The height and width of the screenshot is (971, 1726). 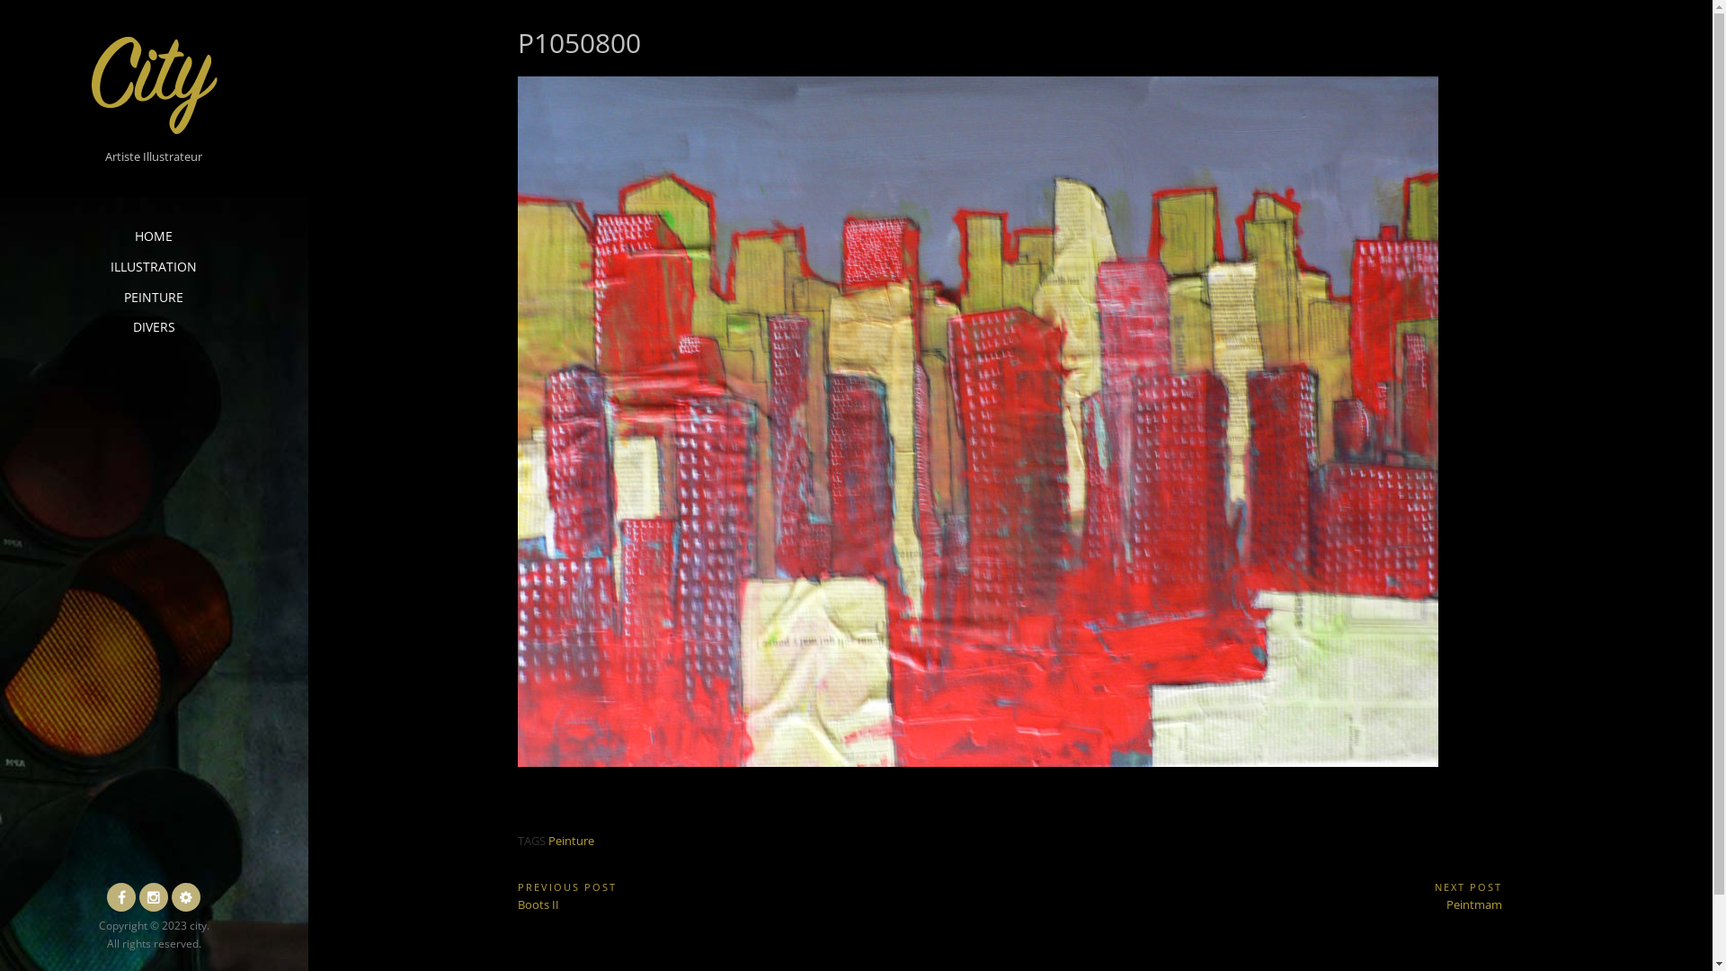 What do you see at coordinates (763, 895) in the screenshot?
I see `'PREVIOUS POST` at bounding box center [763, 895].